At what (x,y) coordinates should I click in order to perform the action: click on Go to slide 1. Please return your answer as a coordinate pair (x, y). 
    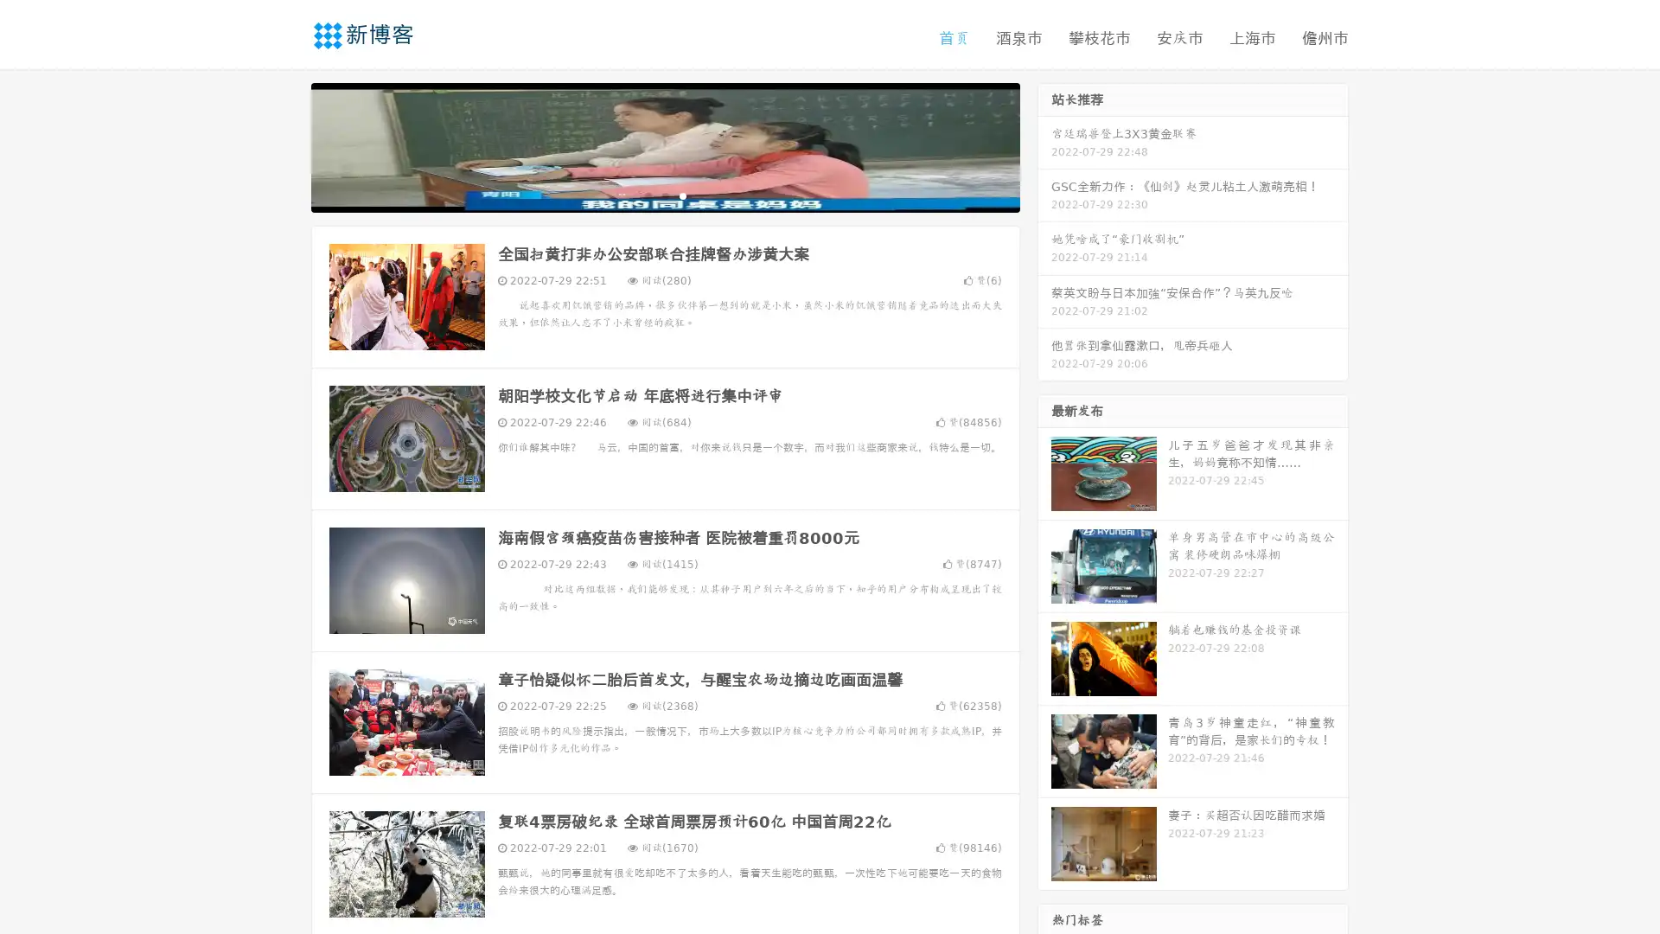
    Looking at the image, I should click on (647, 195).